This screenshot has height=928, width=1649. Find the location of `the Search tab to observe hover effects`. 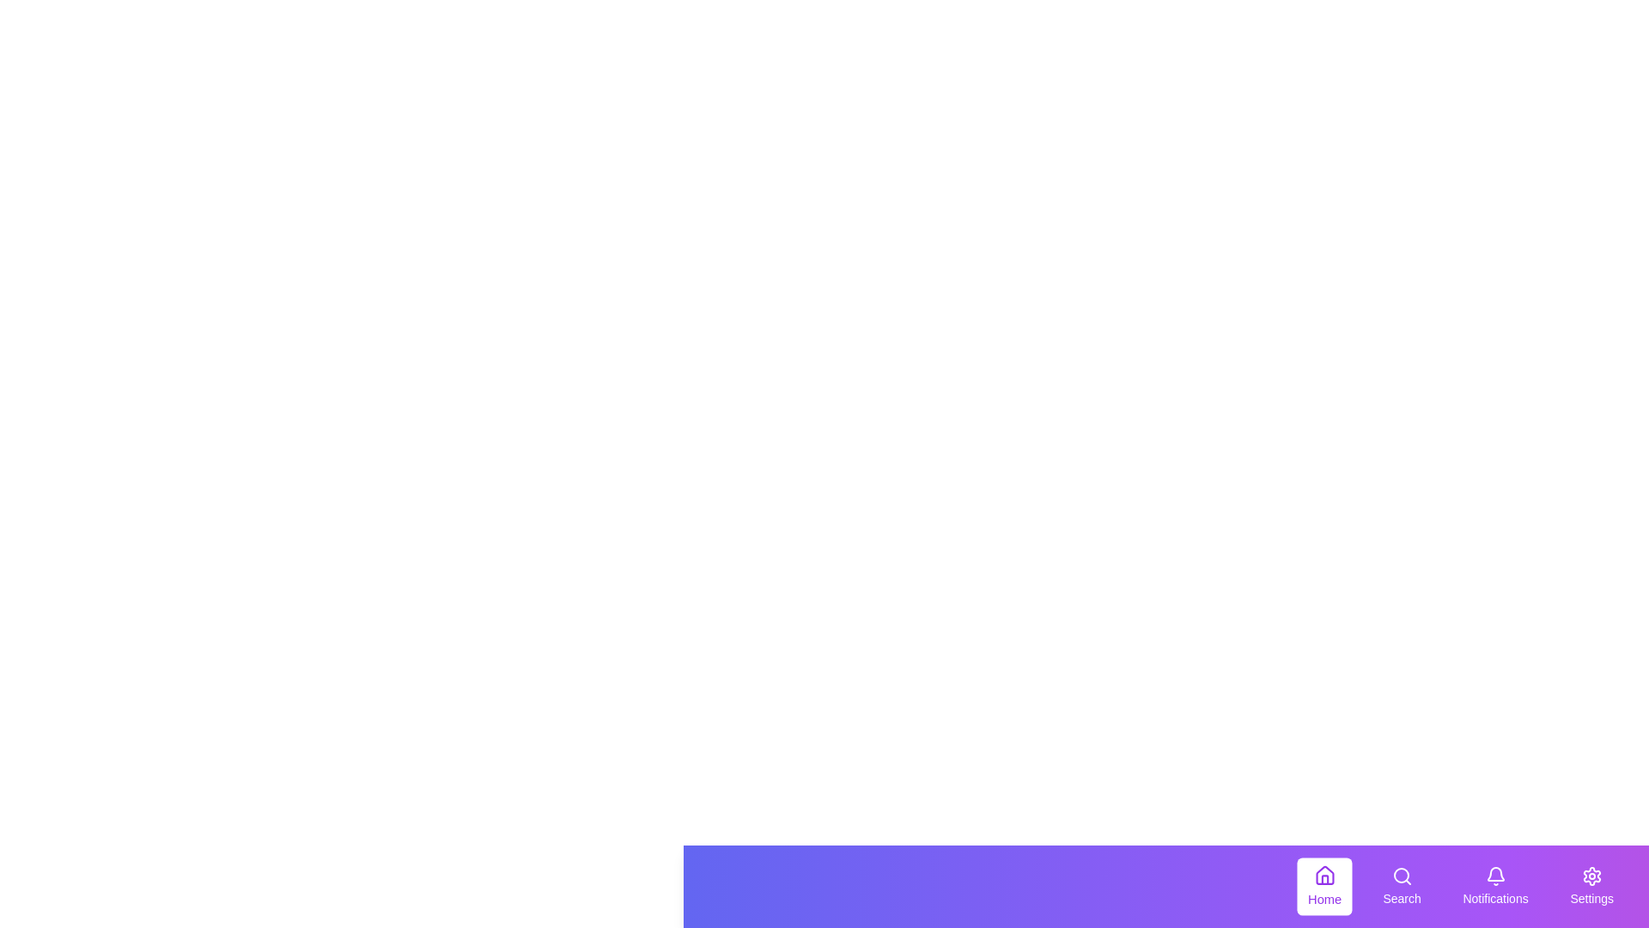

the Search tab to observe hover effects is located at coordinates (1402, 887).